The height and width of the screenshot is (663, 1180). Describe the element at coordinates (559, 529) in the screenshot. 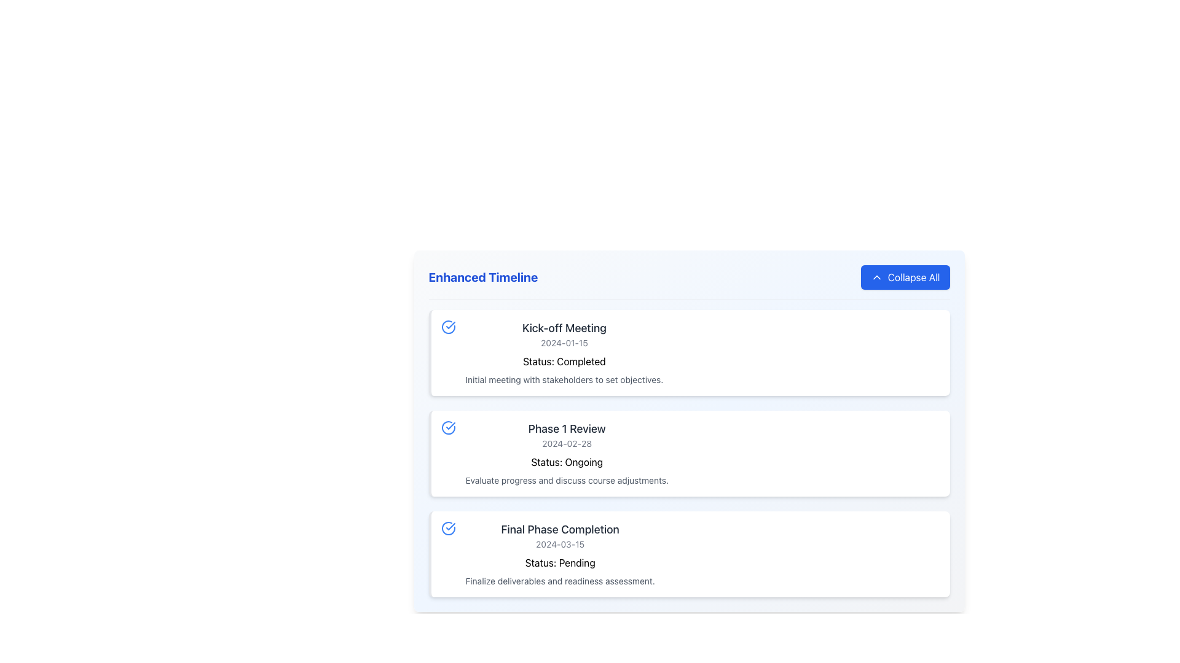

I see `the text label displaying 'Final Phase Completion', which is styled as a prominent title in dark gray at the top of a timeline entry box` at that location.